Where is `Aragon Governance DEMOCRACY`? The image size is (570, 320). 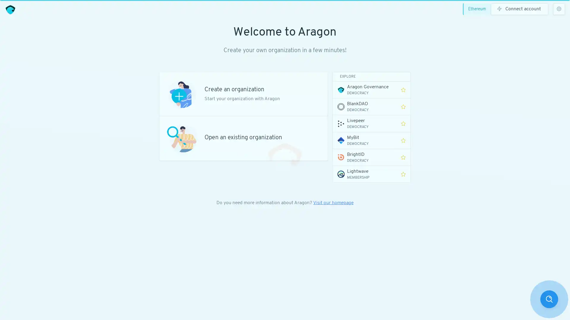
Aragon Governance DEMOCRACY is located at coordinates (364, 90).